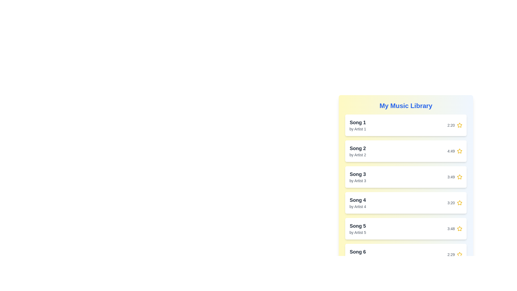 The width and height of the screenshot is (517, 291). What do you see at coordinates (358, 129) in the screenshot?
I see `the label indicating the creator of 'Song 1' located below the text in the 'My Music Library' list` at bounding box center [358, 129].